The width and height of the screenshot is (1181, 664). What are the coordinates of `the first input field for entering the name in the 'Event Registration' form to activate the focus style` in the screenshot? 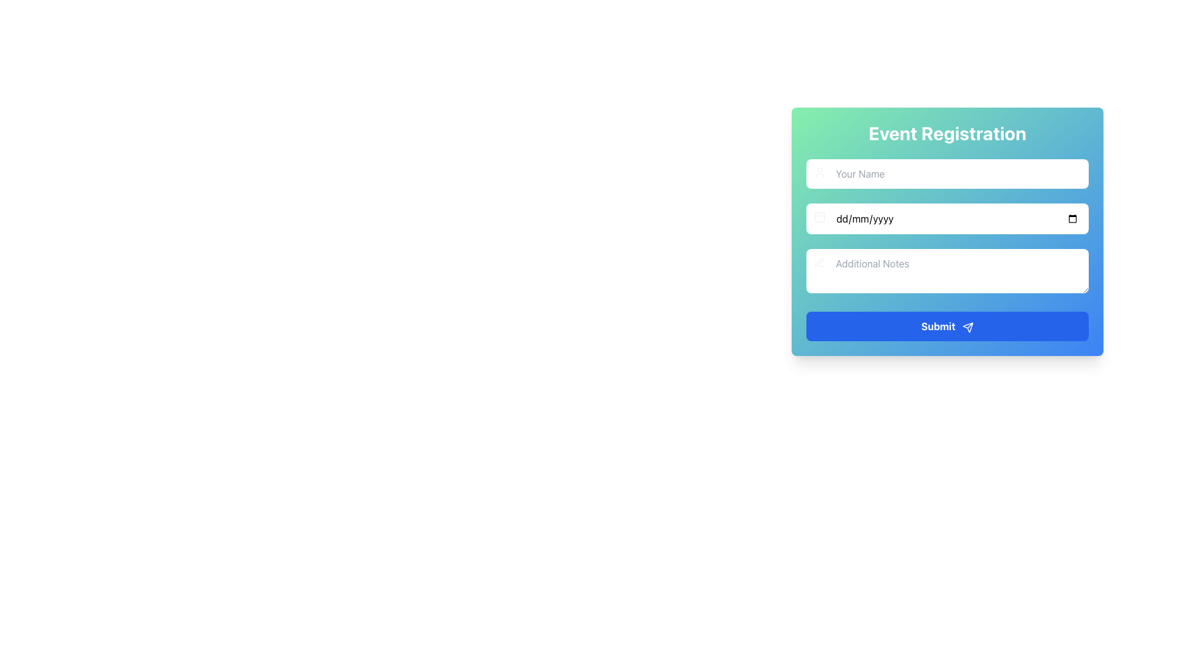 It's located at (947, 173).